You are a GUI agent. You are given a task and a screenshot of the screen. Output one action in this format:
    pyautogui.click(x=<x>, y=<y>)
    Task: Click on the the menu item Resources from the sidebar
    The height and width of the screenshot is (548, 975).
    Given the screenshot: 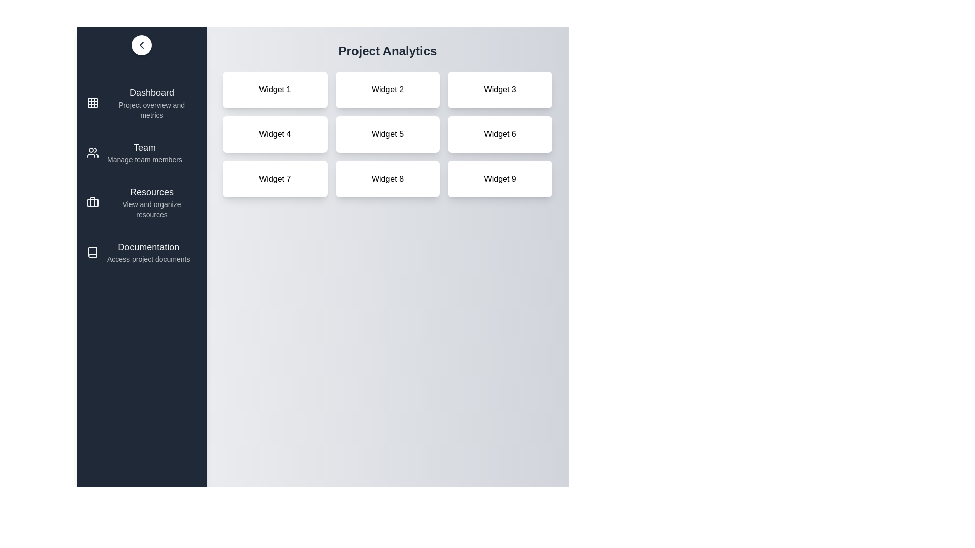 What is the action you would take?
    pyautogui.click(x=141, y=202)
    